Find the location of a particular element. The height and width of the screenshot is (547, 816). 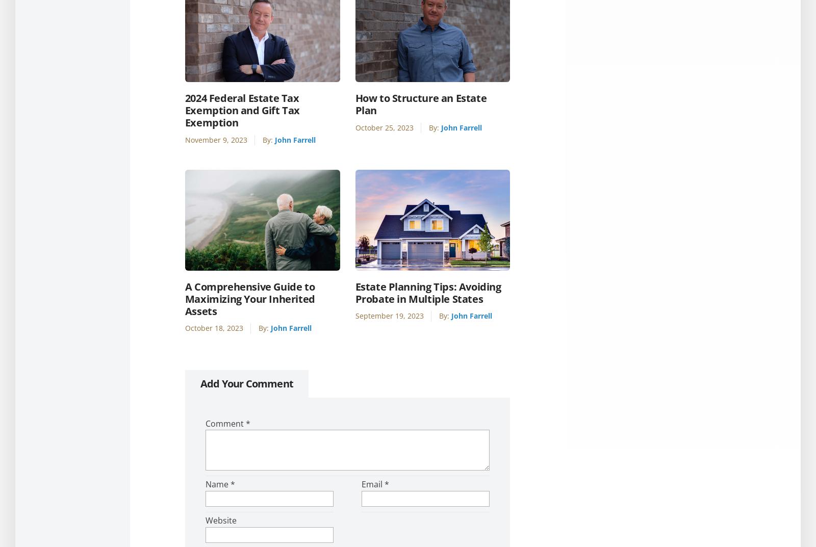

'2024 Federal Estate Tax Exemption and Gift Tax Exemption' is located at coordinates (185, 110).